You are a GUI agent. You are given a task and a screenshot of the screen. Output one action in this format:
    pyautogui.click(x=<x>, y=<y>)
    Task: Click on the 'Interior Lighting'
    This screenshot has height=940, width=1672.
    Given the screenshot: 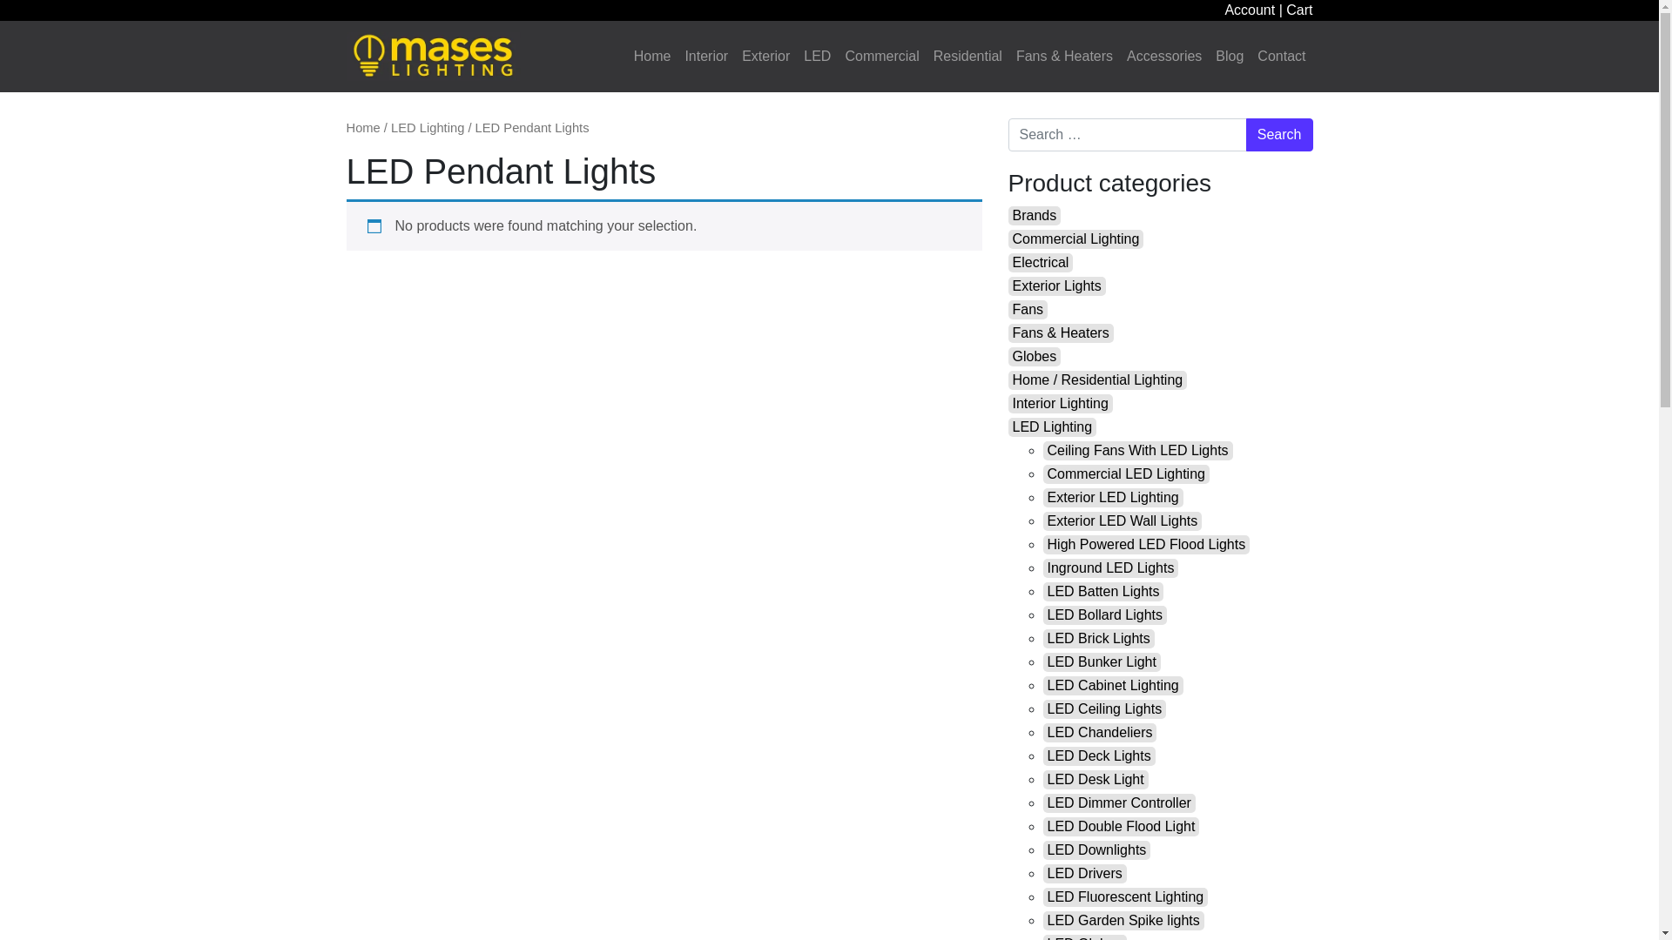 What is the action you would take?
    pyautogui.click(x=1008, y=403)
    